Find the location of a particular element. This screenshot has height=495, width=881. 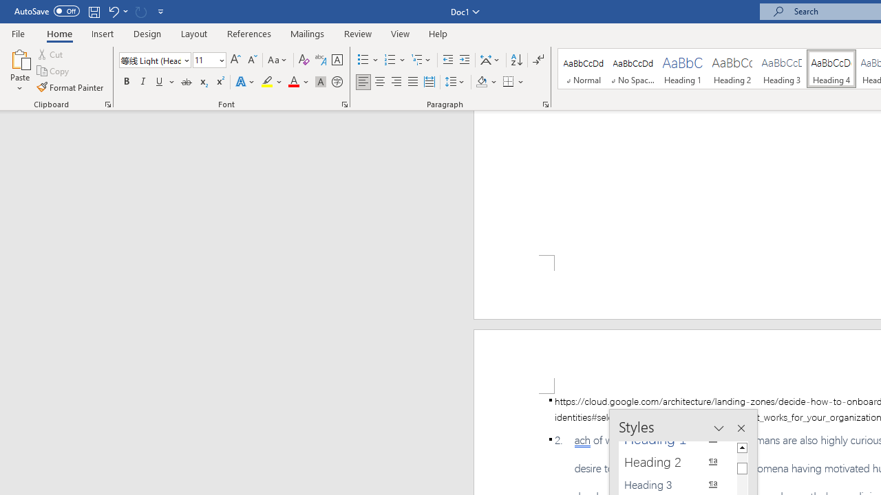

'Increase Indent' is located at coordinates (465, 59).